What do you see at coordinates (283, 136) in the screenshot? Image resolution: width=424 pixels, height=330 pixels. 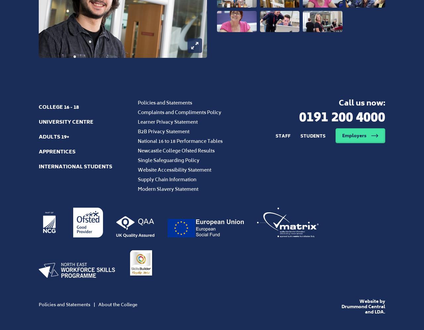 I see `'Staff'` at bounding box center [283, 136].